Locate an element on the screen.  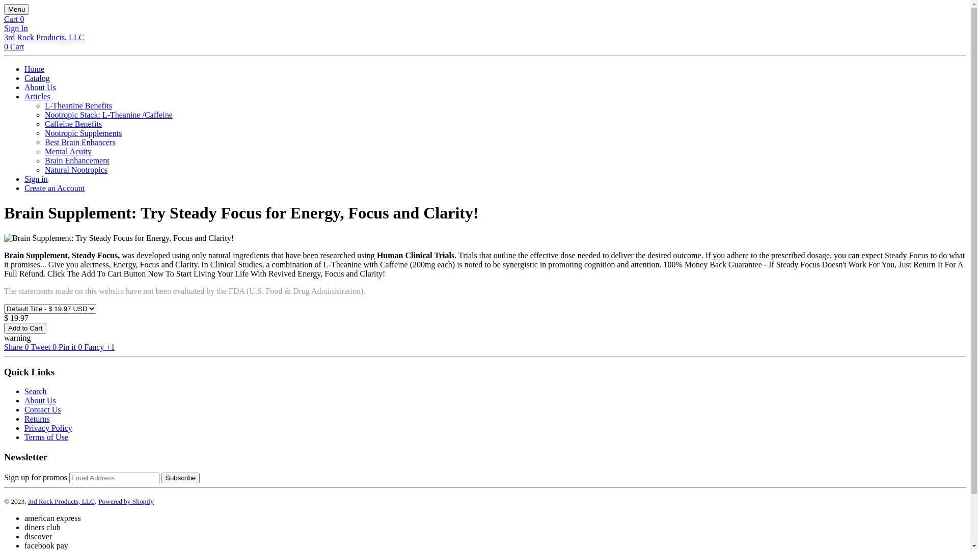
'Pin it 0' is located at coordinates (58, 346).